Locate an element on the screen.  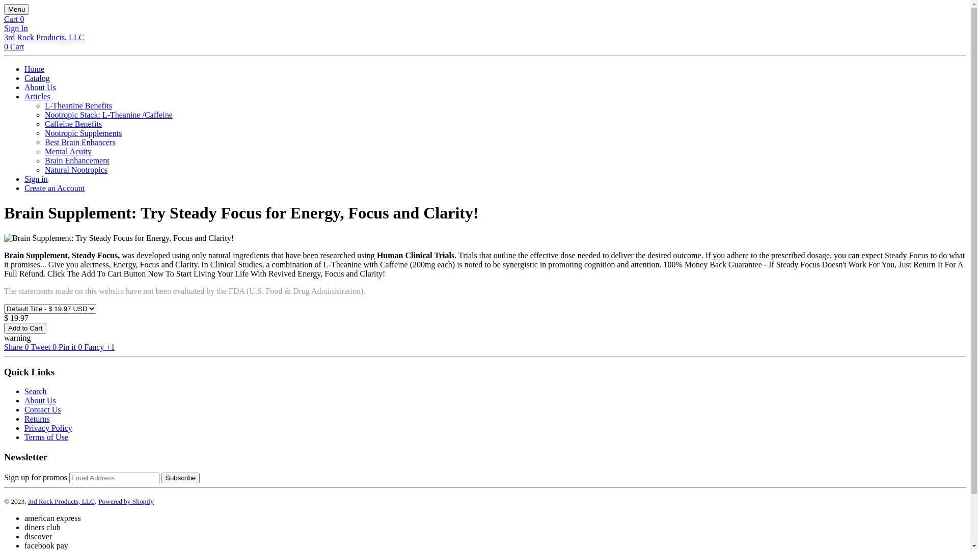
'Pin it 0' is located at coordinates (58, 346).